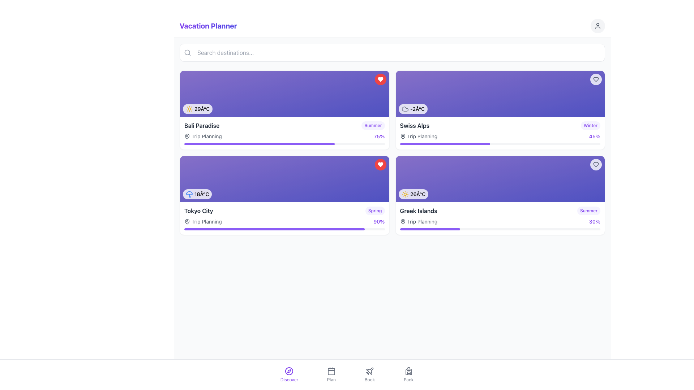 The width and height of the screenshot is (694, 390). I want to click on text 'Bali Paradise' which serves as the title for a travel destination card in the vacation-themed interface, so click(202, 125).